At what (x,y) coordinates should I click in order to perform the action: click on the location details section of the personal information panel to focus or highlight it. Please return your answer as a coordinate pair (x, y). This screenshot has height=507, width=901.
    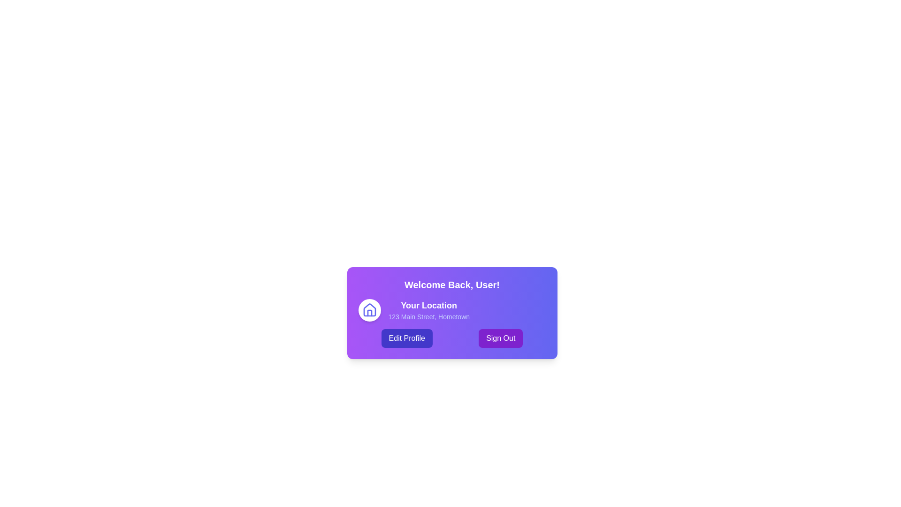
    Looking at the image, I should click on (452, 313).